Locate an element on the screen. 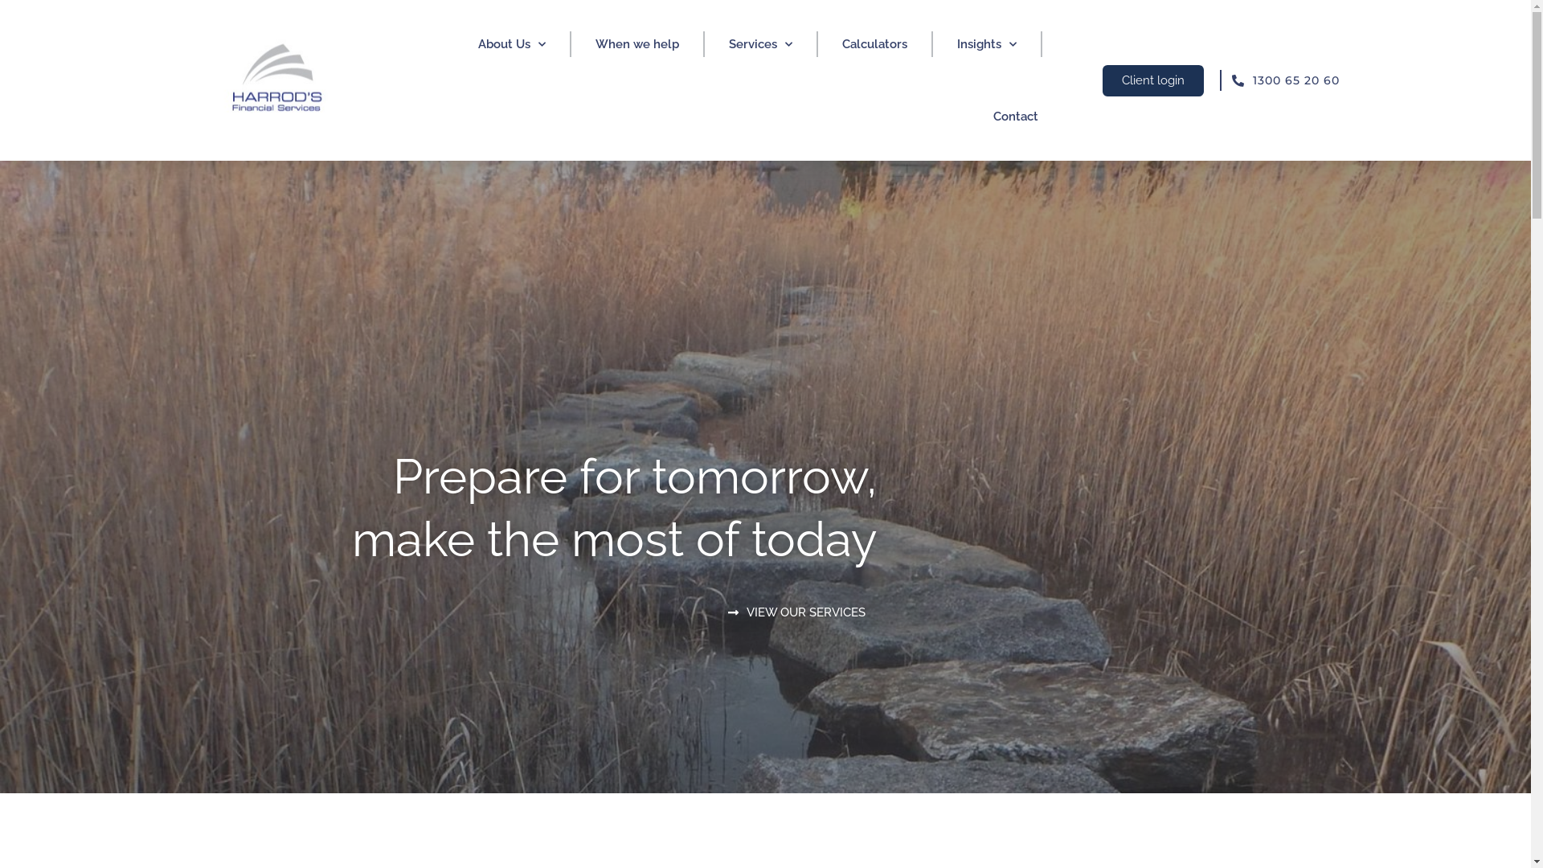  'About Us' is located at coordinates (511, 43).